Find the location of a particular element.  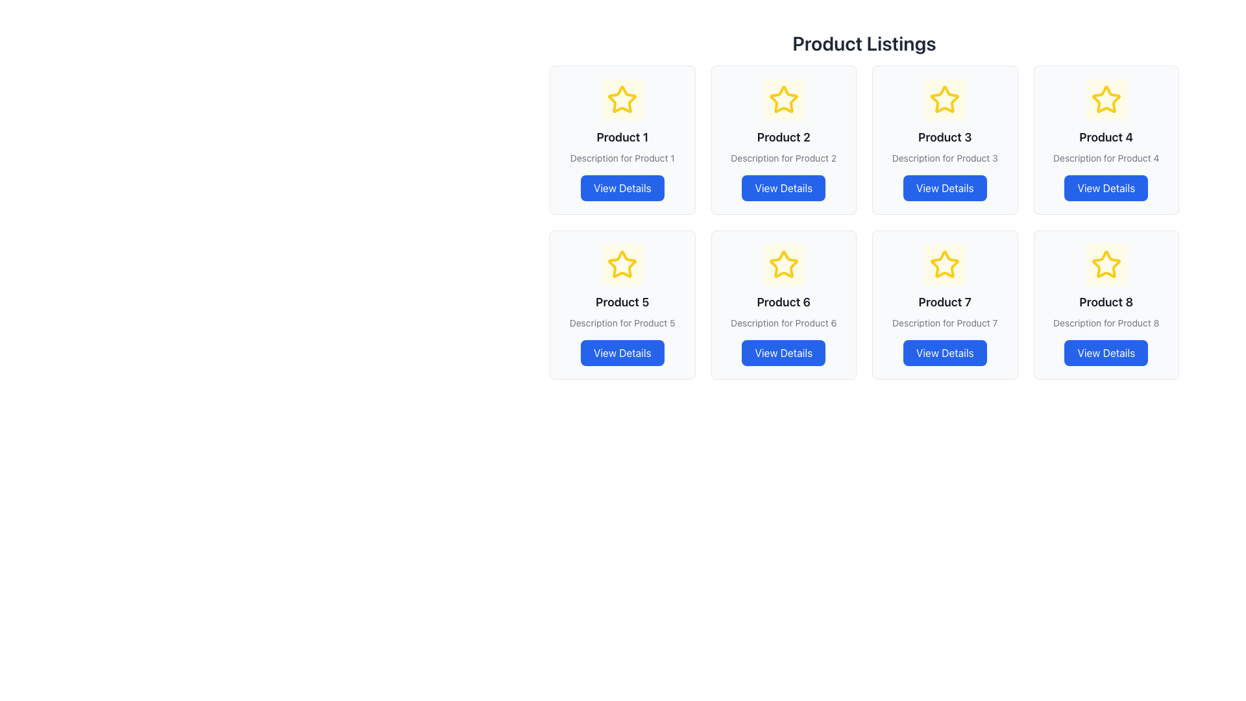

the informational text element that provides a summary of 'Product 3', located in the third card of the top row, below the title and above the 'View Details' button is located at coordinates (945, 157).